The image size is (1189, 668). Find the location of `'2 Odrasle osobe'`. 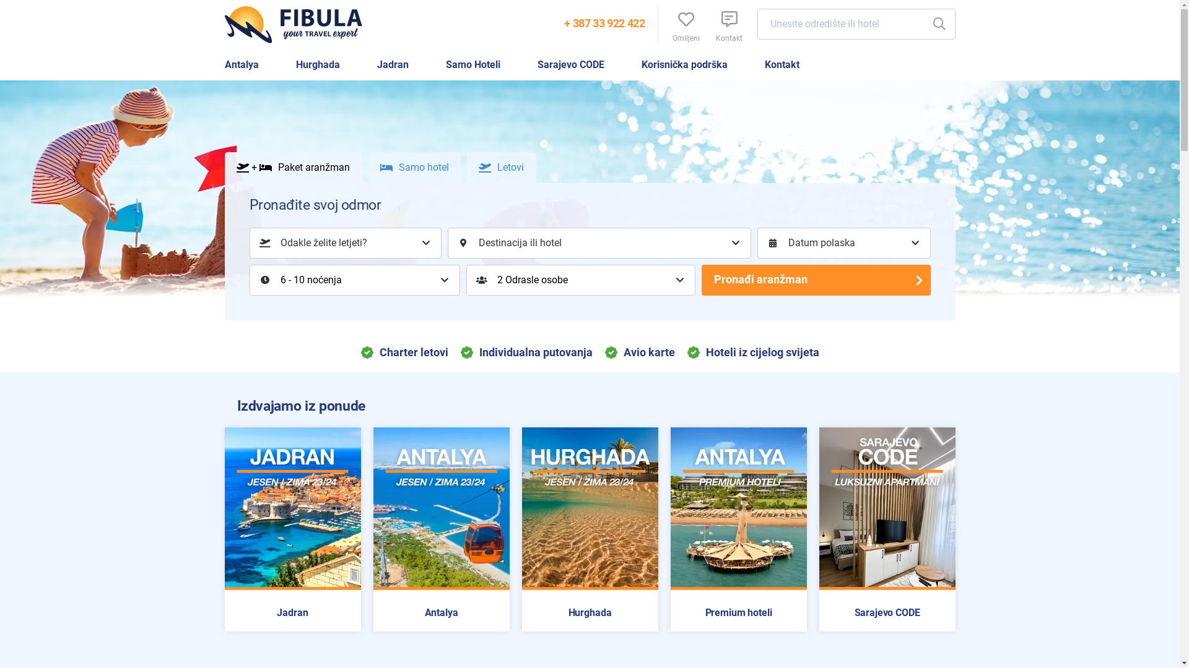

'2 Odrasle osobe' is located at coordinates (579, 280).